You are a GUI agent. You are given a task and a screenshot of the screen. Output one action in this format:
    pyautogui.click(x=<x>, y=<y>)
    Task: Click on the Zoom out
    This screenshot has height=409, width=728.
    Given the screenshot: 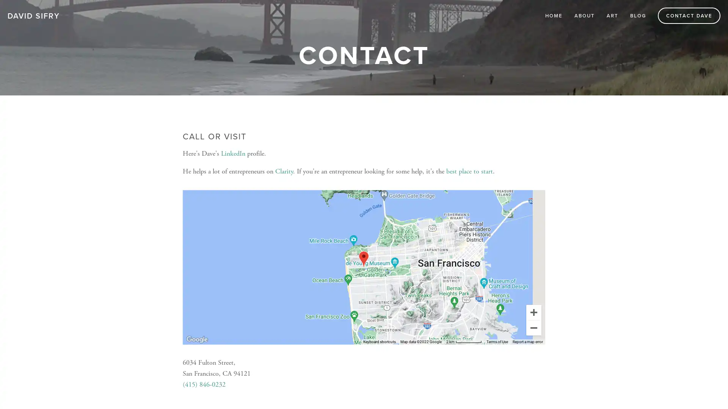 What is the action you would take?
    pyautogui.click(x=533, y=327)
    